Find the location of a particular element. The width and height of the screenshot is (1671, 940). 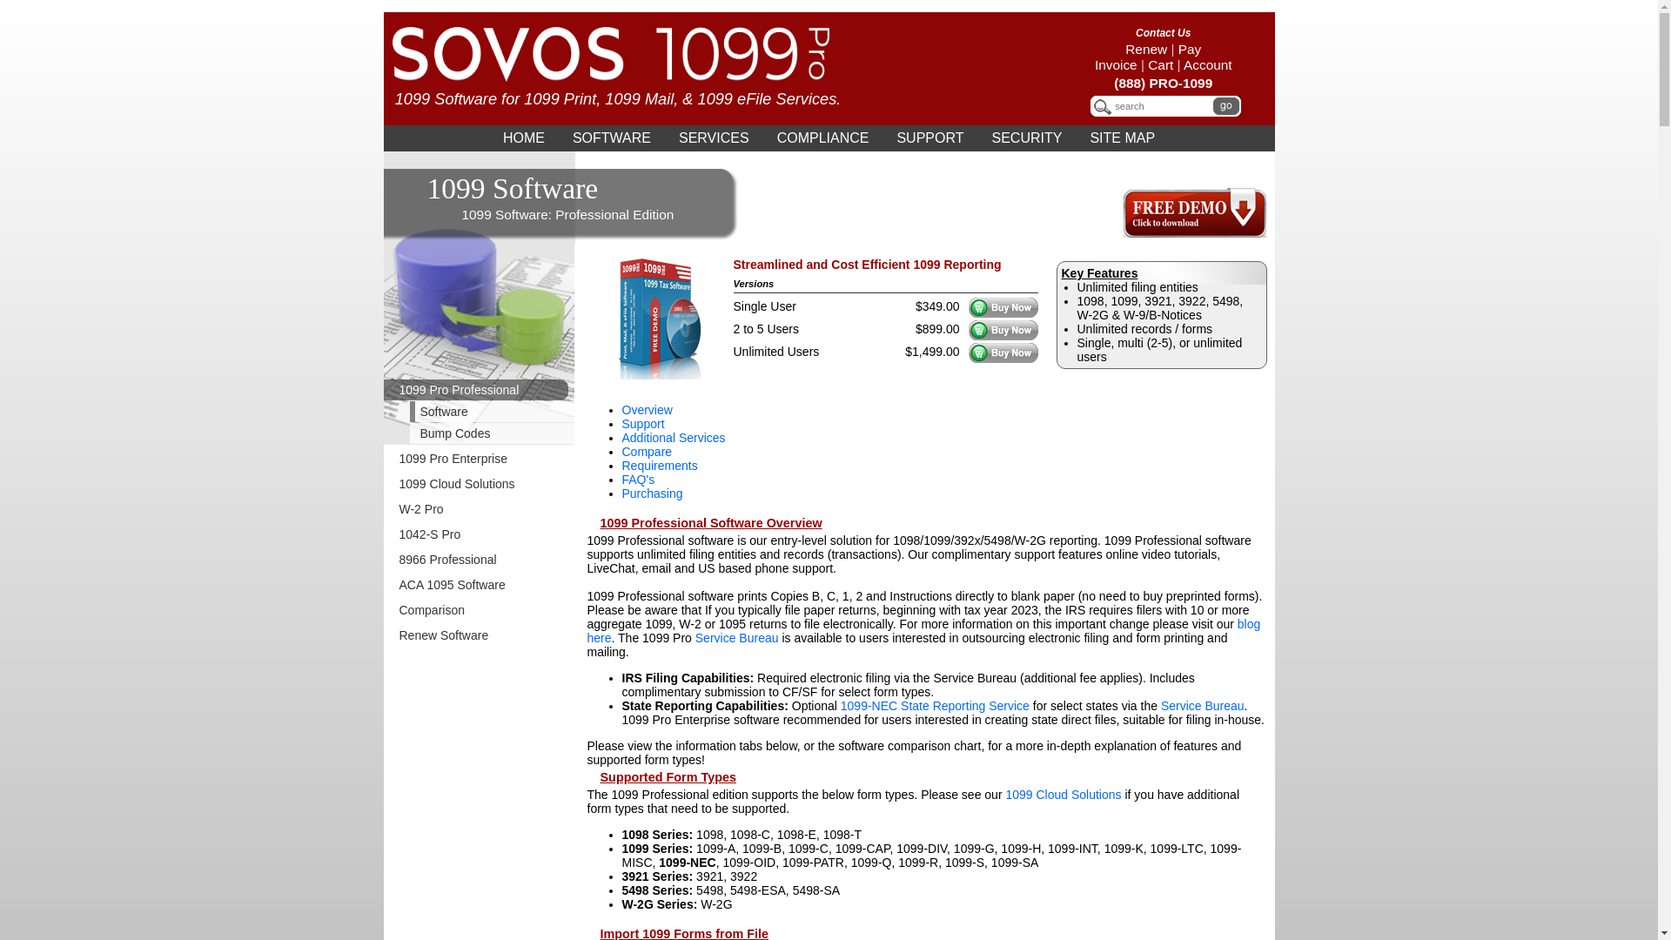

'1099 Pro Professional' is located at coordinates (382, 388).